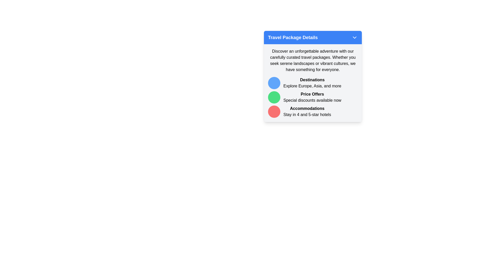  Describe the element at coordinates (312, 86) in the screenshot. I see `text label containing the phrase 'Explore Europe, Asia, and more', which is aligned below the bolded title 'Destinations' in a smaller font style` at that location.